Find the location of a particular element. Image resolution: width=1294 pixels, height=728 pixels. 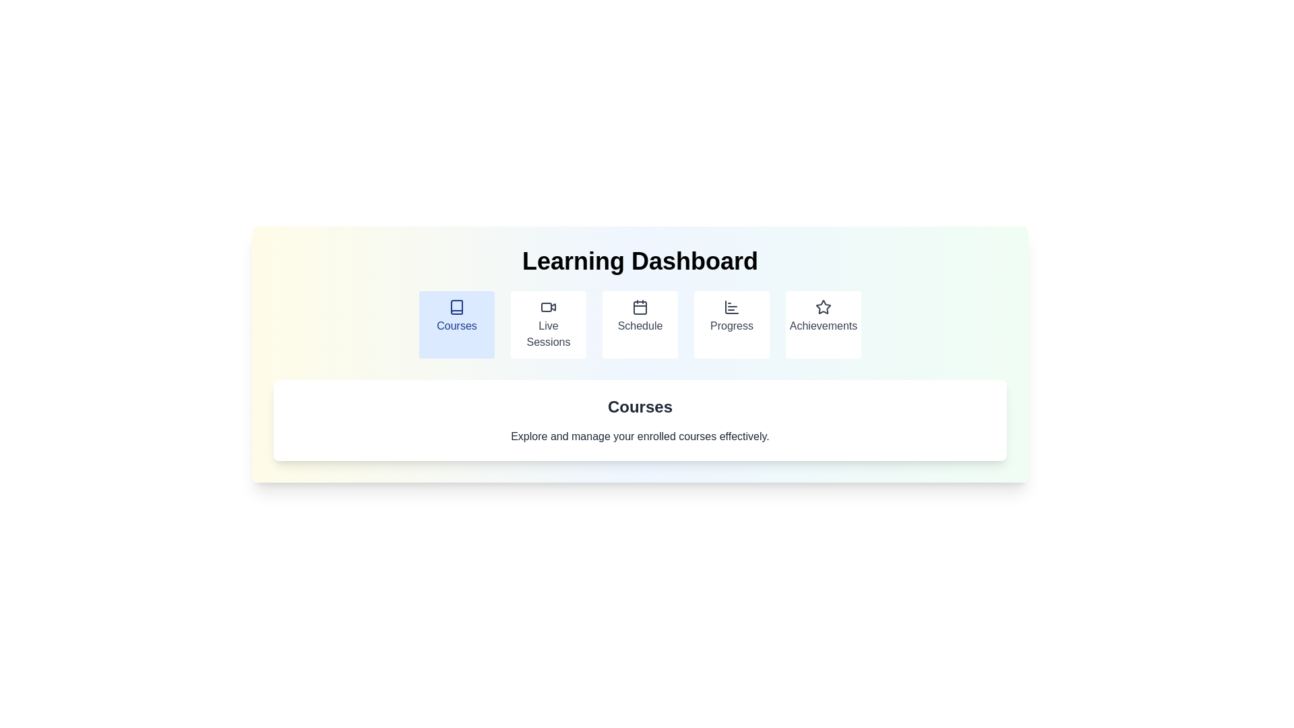

the 'Schedule' text label is located at coordinates (640, 326).